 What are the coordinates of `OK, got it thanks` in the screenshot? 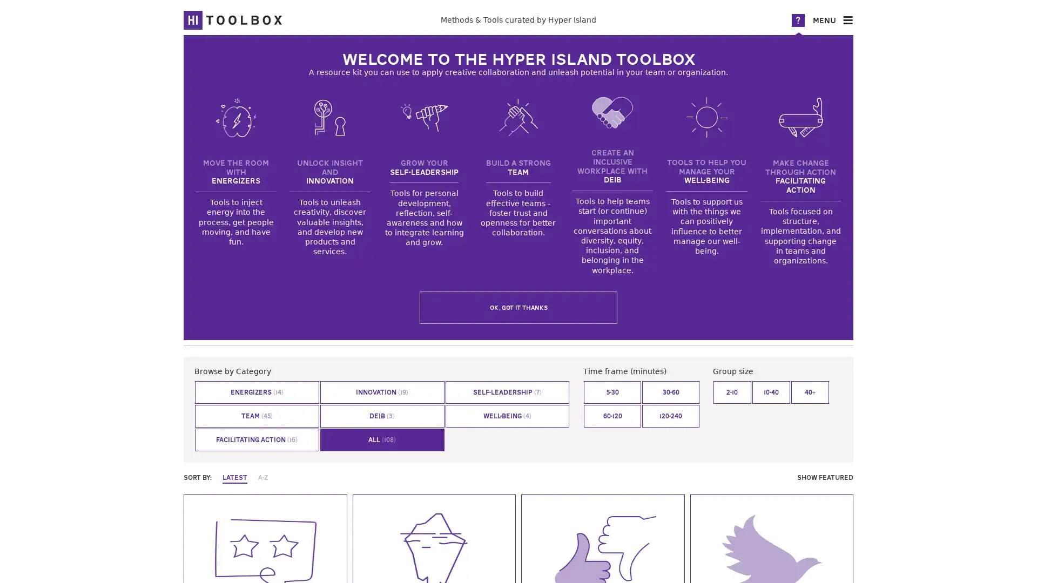 It's located at (518, 307).